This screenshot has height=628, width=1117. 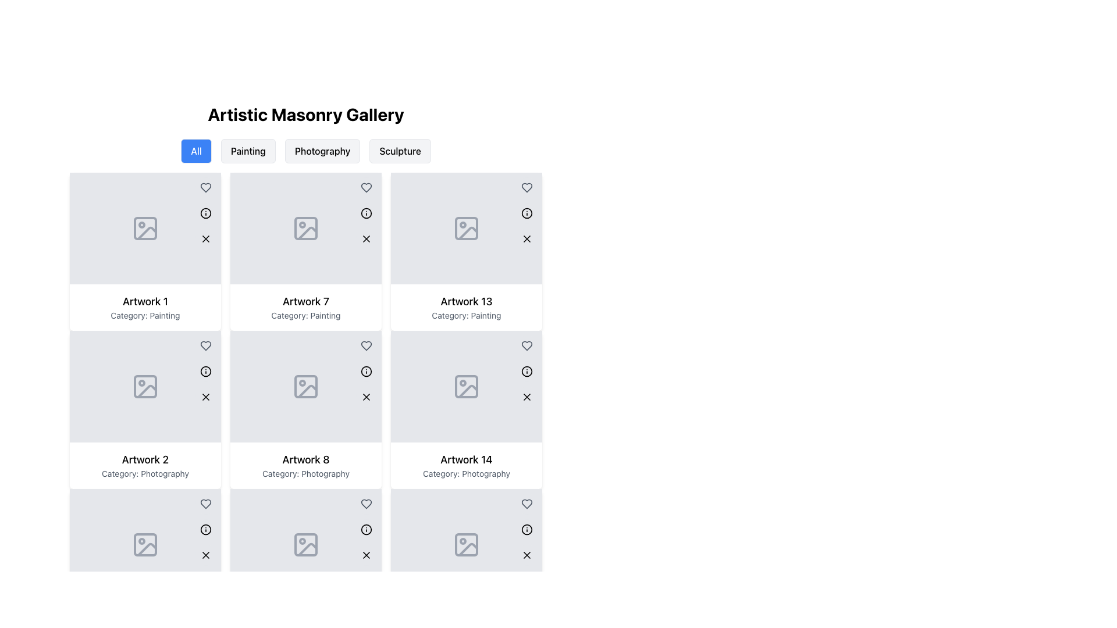 I want to click on the central circular information button with an 'i' symbol, so click(x=527, y=529).